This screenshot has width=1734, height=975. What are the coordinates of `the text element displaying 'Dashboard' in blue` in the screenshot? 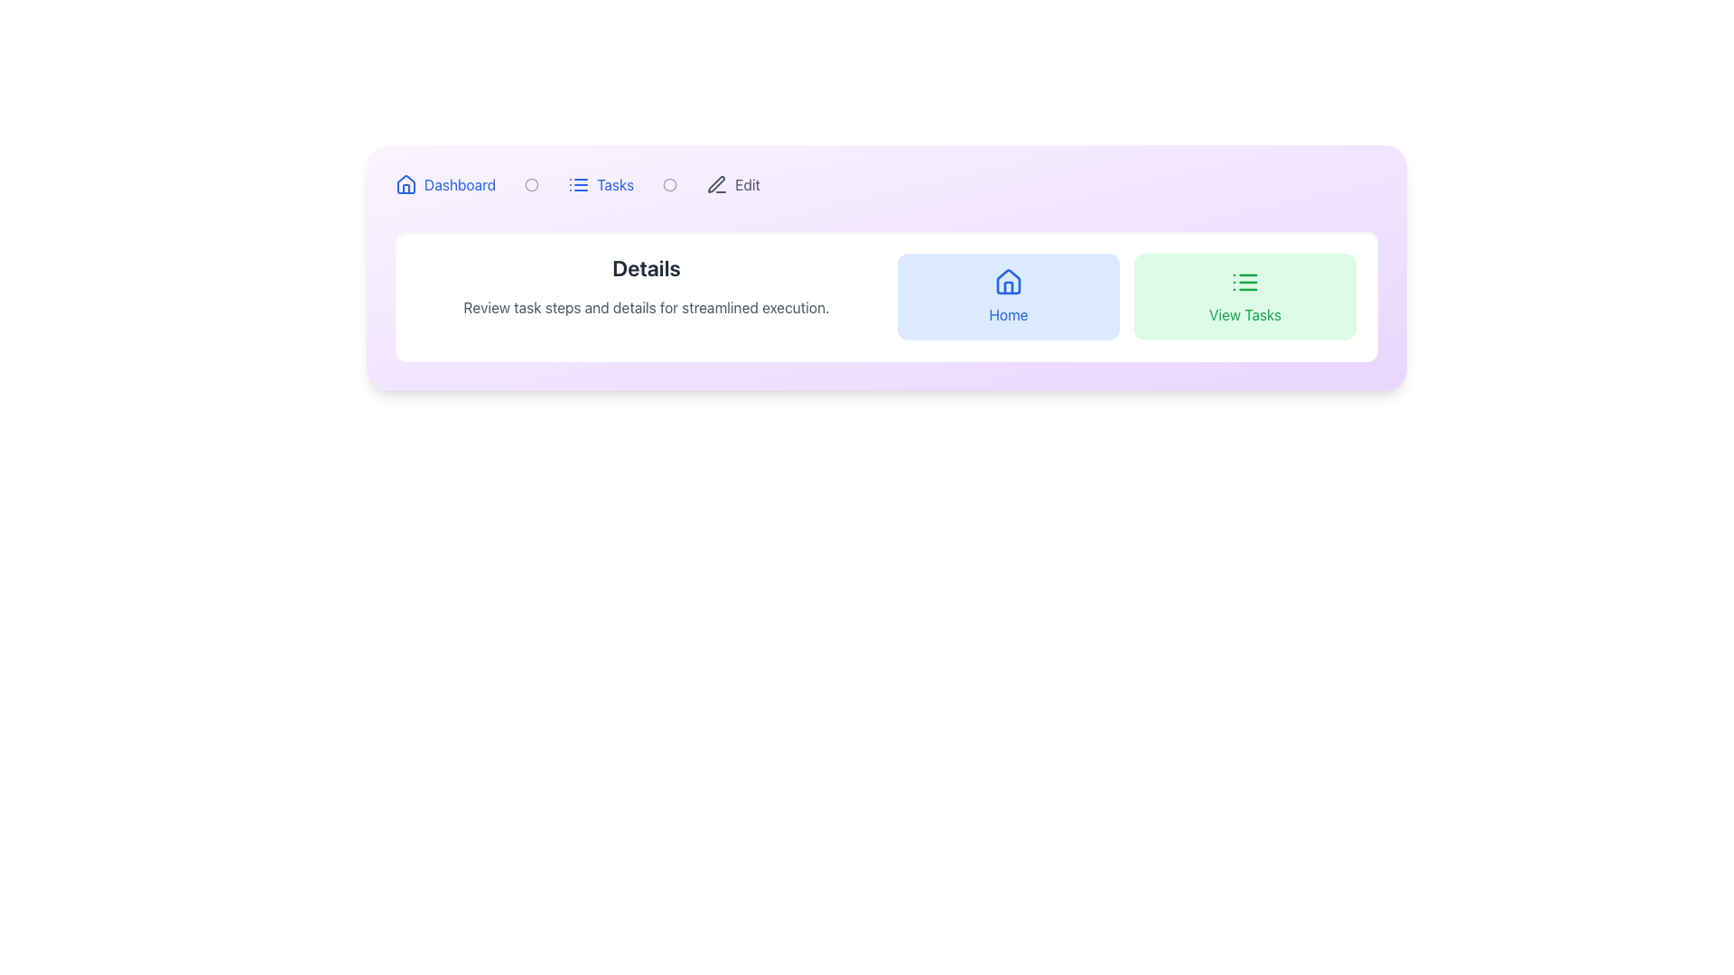 It's located at (460, 184).